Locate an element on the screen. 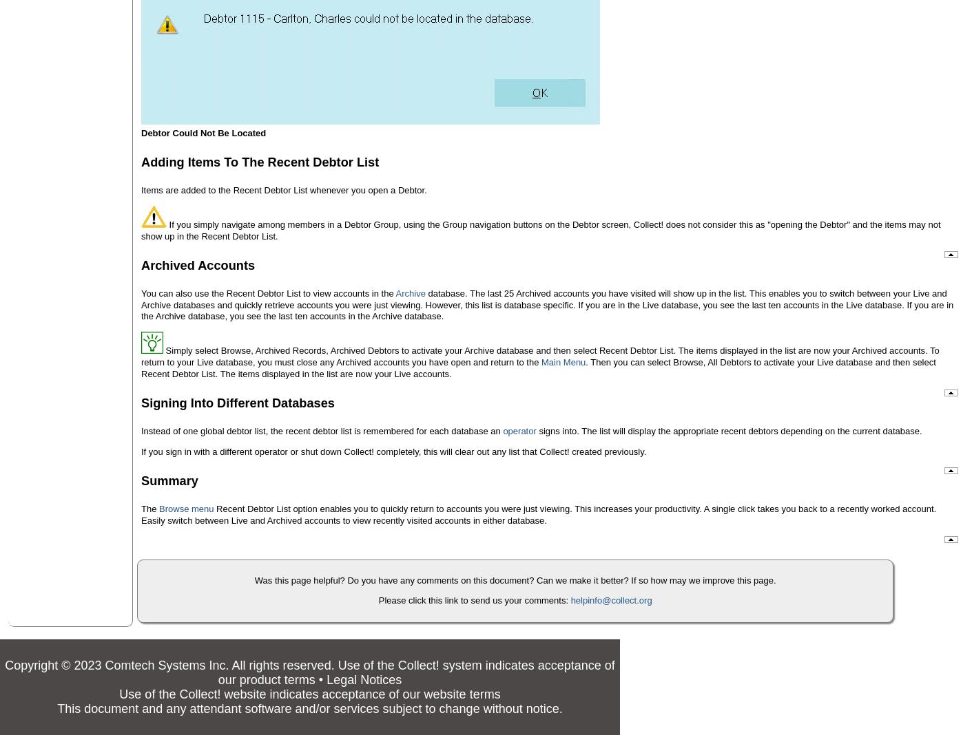  'Recent Debtor List option enables you
to quickly return to accounts you were just viewing. This
increases your productivity. A single click takes you back
to a recently worked account. Easily switch between Live
and Archived accounts to view recently visited accounts in
either database.' is located at coordinates (537, 513).